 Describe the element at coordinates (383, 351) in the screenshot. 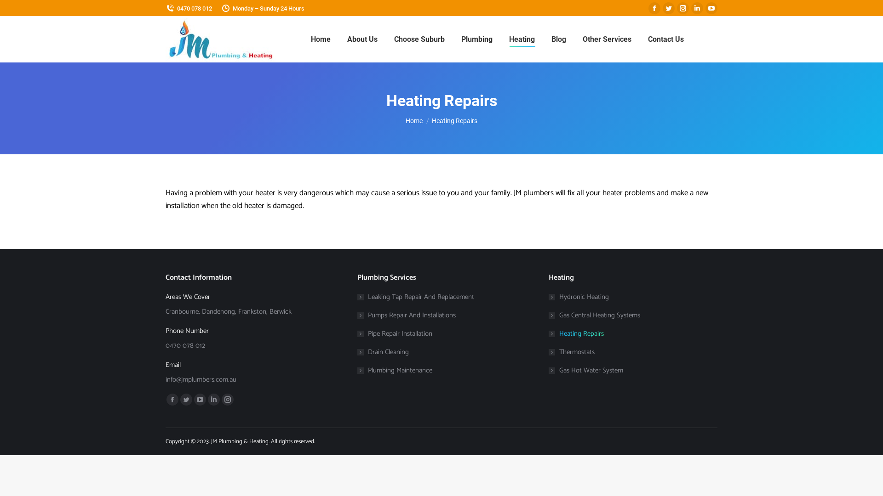

I see `'Drain Cleaning'` at that location.